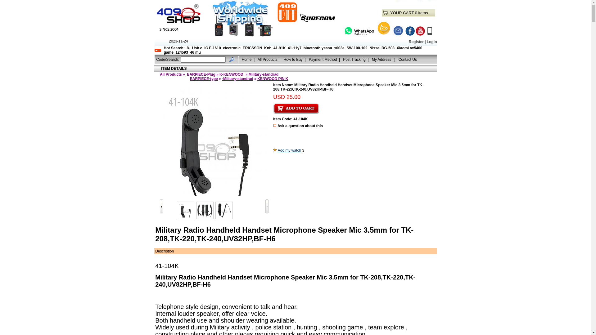 Image resolution: width=596 pixels, height=335 pixels. I want to click on 'EARPIECE-type', so click(204, 78).